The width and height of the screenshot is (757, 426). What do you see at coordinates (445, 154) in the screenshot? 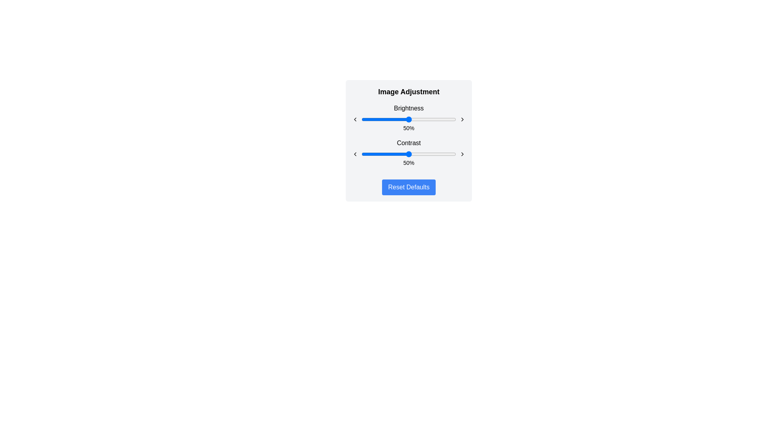
I see `contrast` at bounding box center [445, 154].